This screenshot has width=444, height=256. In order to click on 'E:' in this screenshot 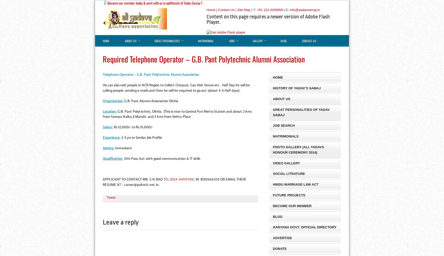, I will do `click(285, 9)`.